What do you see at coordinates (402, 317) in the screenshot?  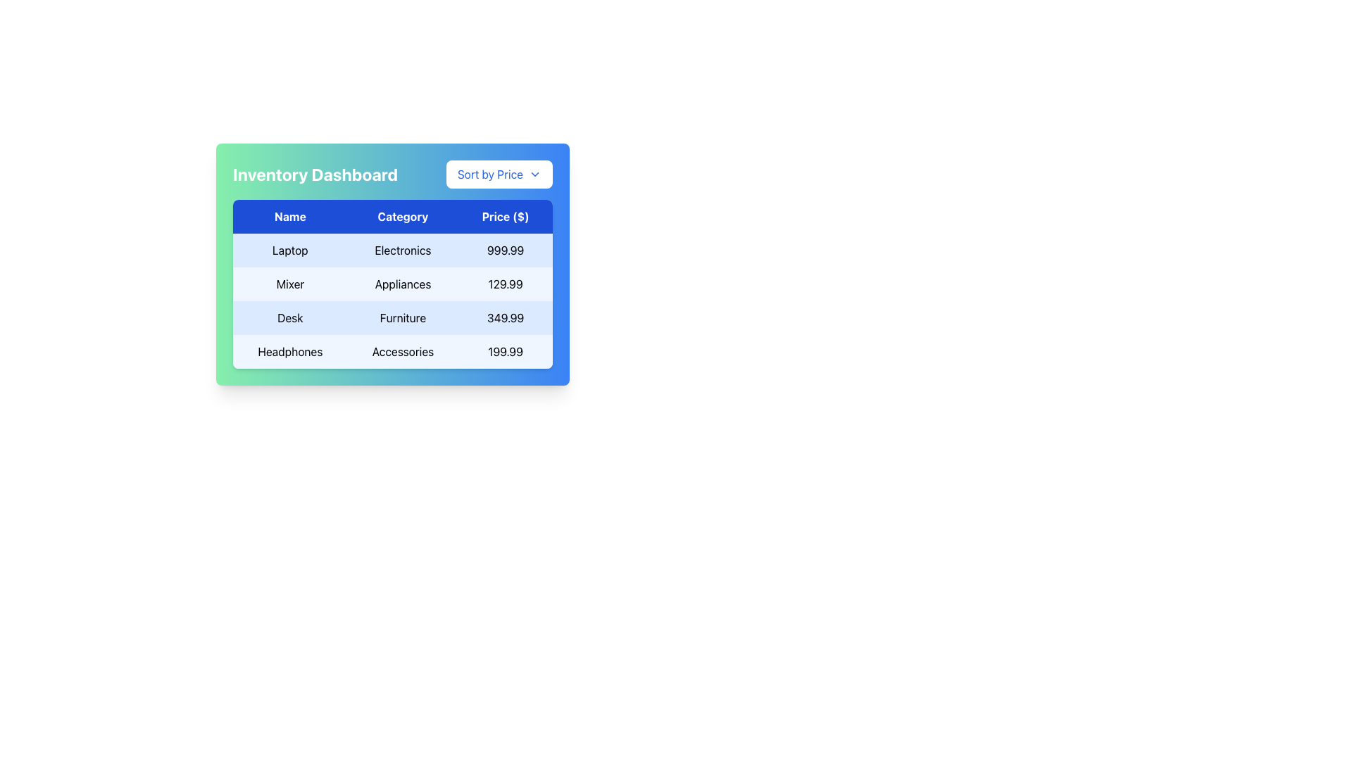 I see `the Text Label displaying 'Furniture' in the 'Category' column of the table for the 'Desk' product in the third row` at bounding box center [402, 317].